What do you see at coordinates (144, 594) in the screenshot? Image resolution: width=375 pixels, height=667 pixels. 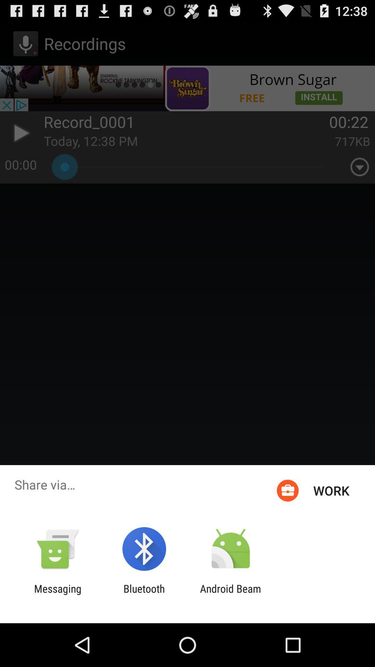 I see `the bluetooth app` at bounding box center [144, 594].